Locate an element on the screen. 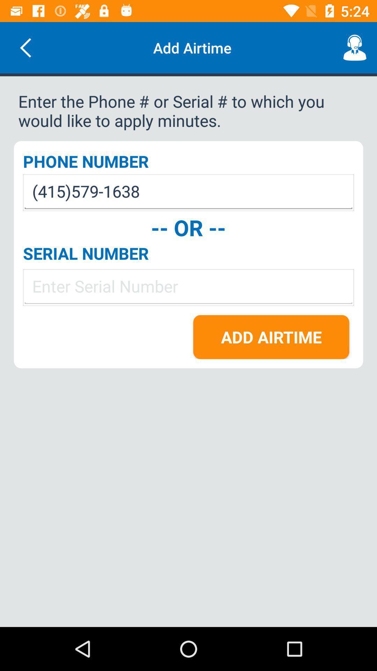 The image size is (377, 671). the icon to the right of add airtime is located at coordinates (355, 47).